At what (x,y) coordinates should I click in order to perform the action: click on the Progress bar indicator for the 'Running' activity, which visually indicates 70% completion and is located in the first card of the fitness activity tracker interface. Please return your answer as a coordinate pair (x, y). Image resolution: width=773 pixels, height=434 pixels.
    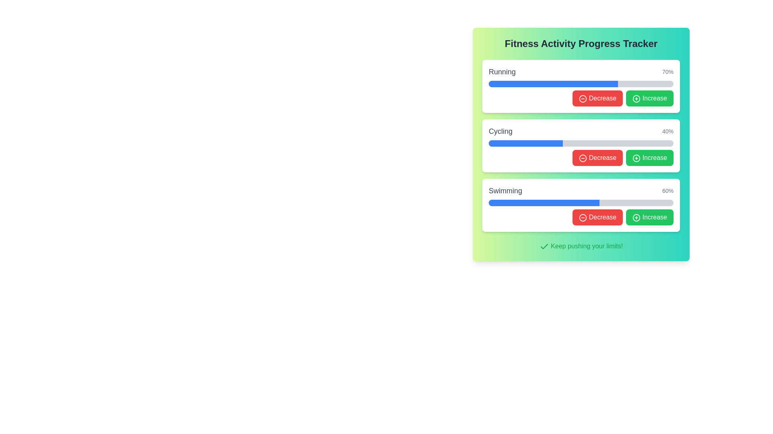
    Looking at the image, I should click on (553, 84).